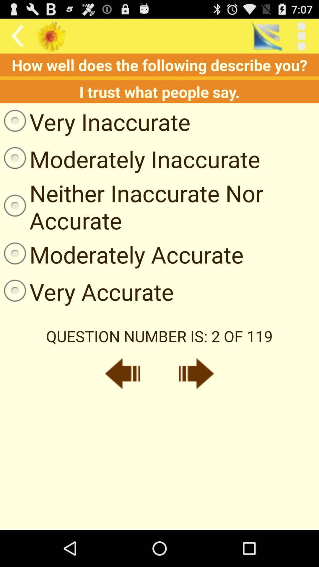  Describe the element at coordinates (122, 373) in the screenshot. I see `previous` at that location.